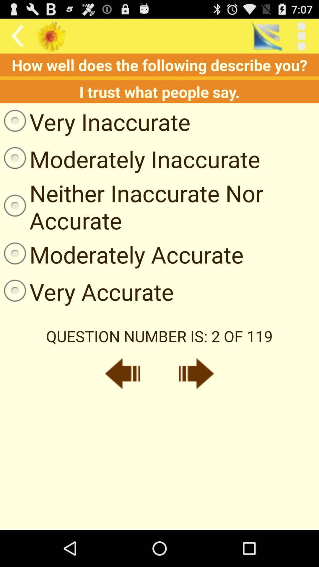  Describe the element at coordinates (122, 373) in the screenshot. I see `previous` at that location.